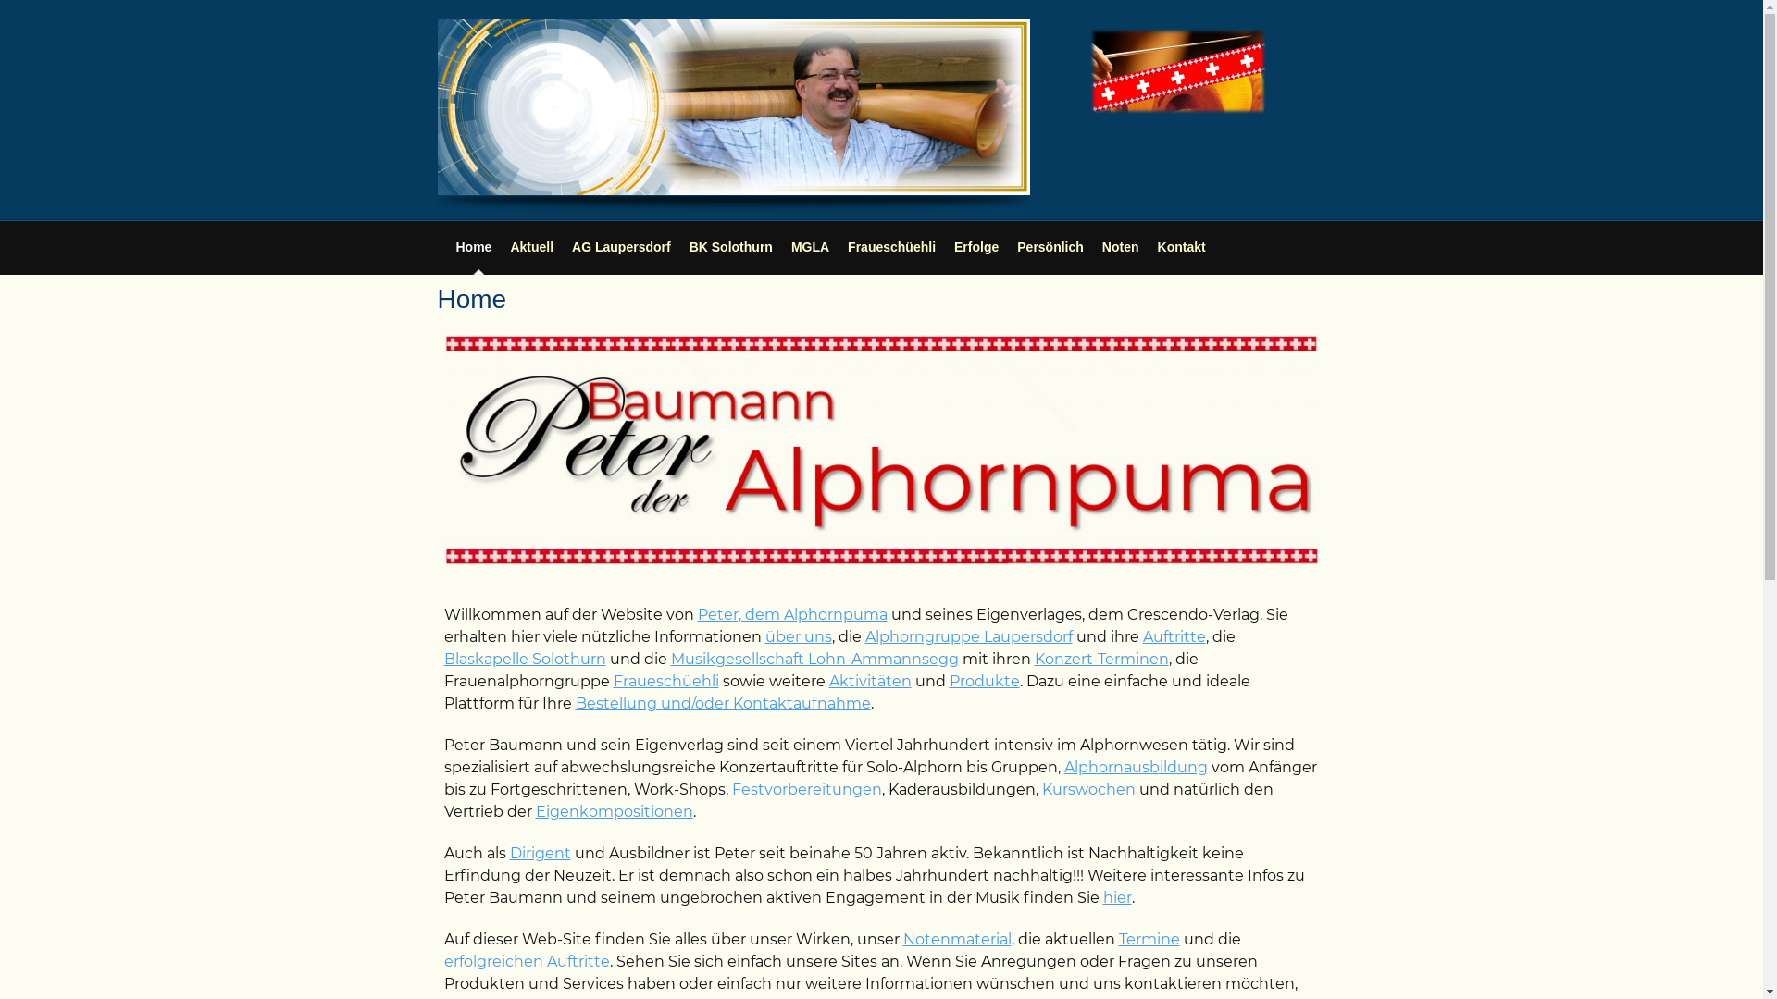  Describe the element at coordinates (730, 245) in the screenshot. I see `'BK Solothurn'` at that location.